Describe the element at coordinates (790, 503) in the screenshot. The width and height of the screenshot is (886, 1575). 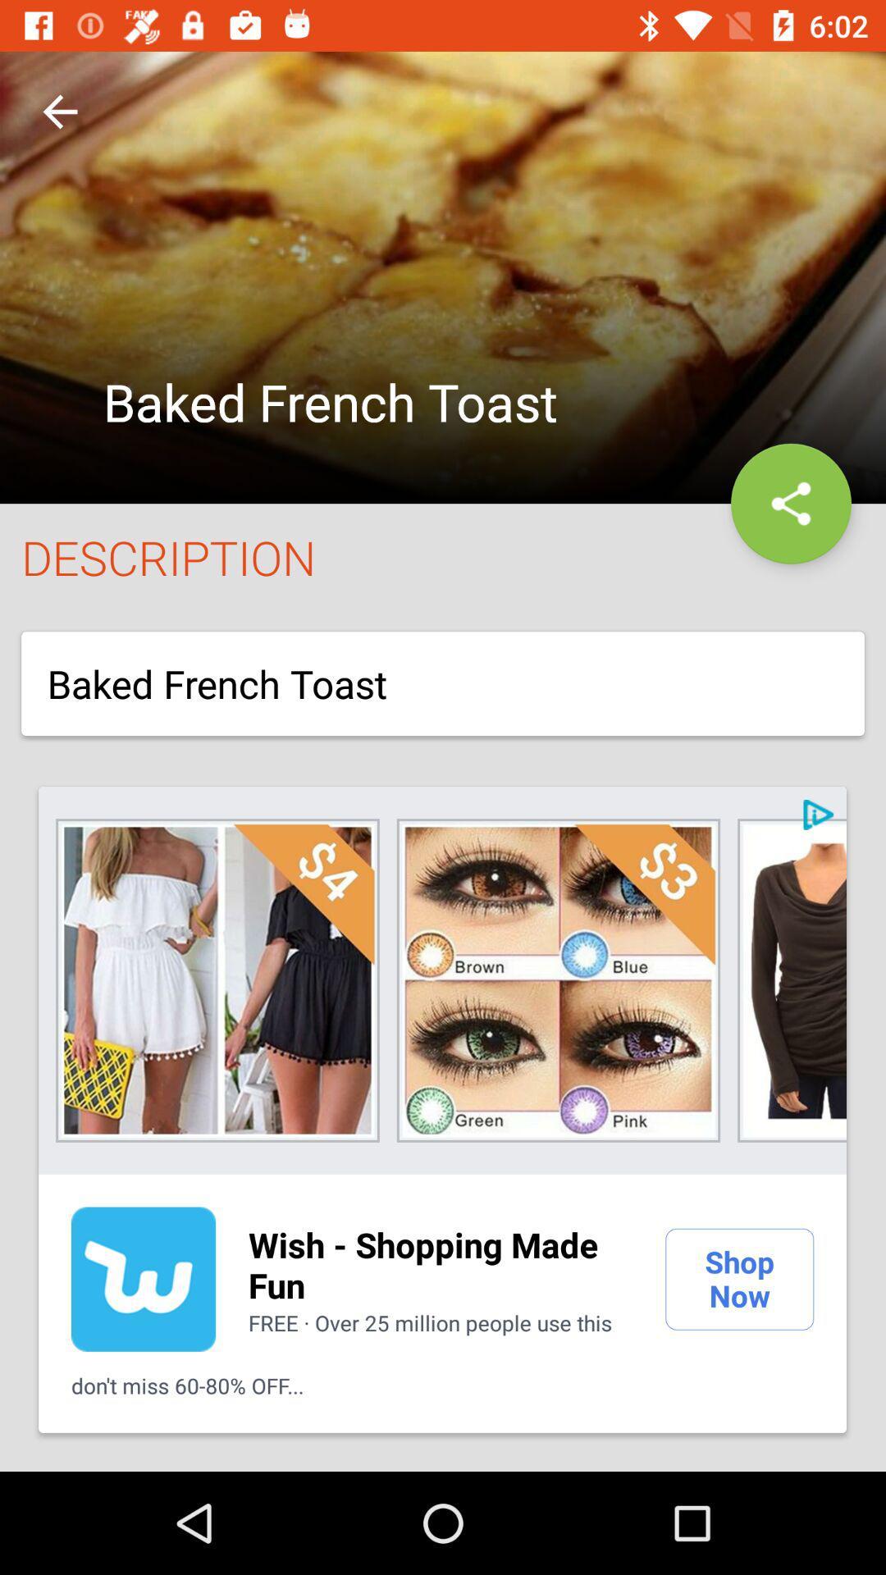
I see `the share icon` at that location.